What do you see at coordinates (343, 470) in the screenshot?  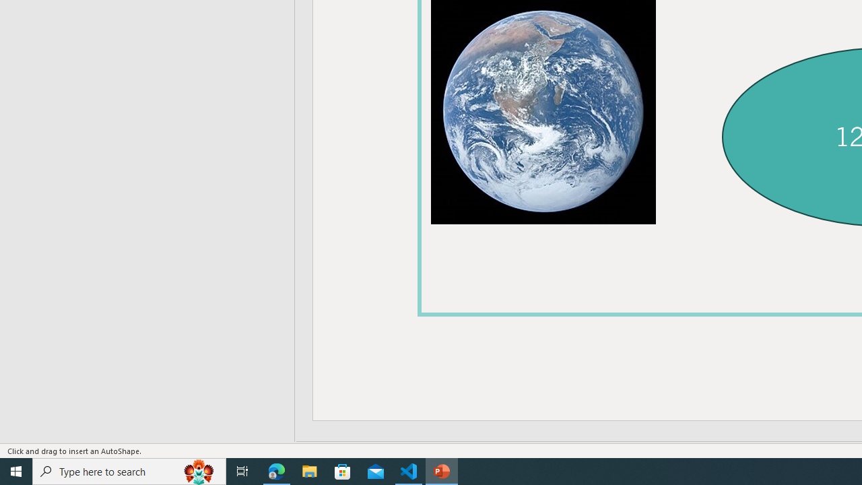 I see `'Microsoft Store'` at bounding box center [343, 470].